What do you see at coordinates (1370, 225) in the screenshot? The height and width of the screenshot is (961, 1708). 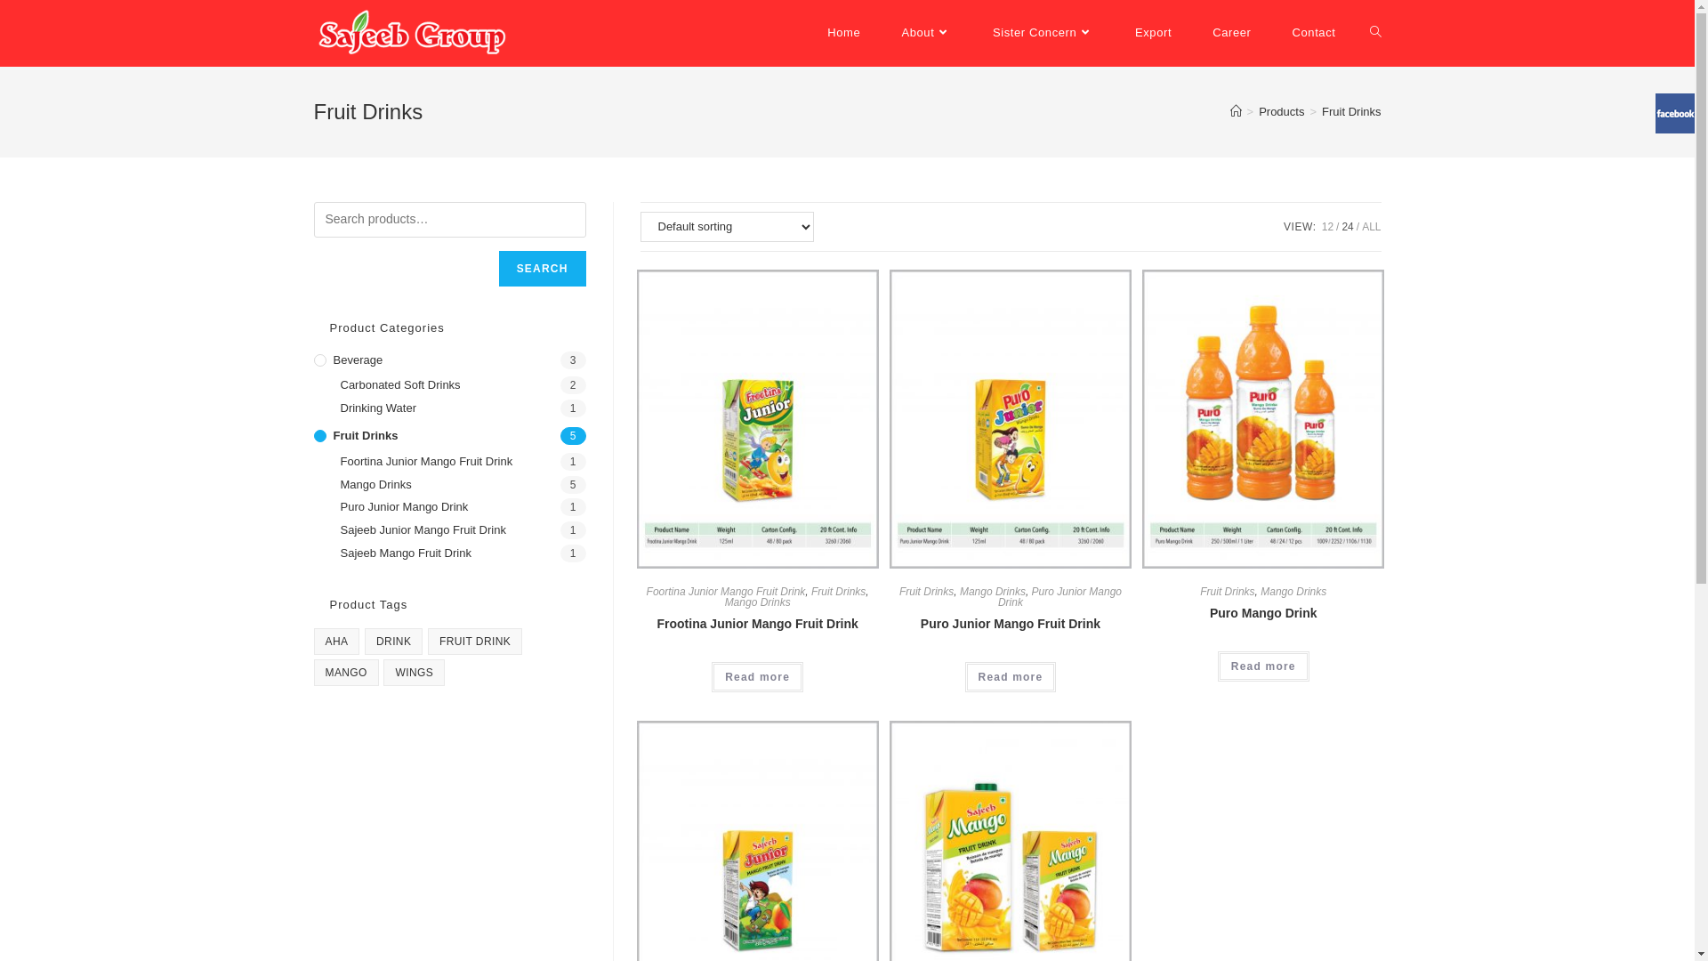 I see `'ALL'` at bounding box center [1370, 225].